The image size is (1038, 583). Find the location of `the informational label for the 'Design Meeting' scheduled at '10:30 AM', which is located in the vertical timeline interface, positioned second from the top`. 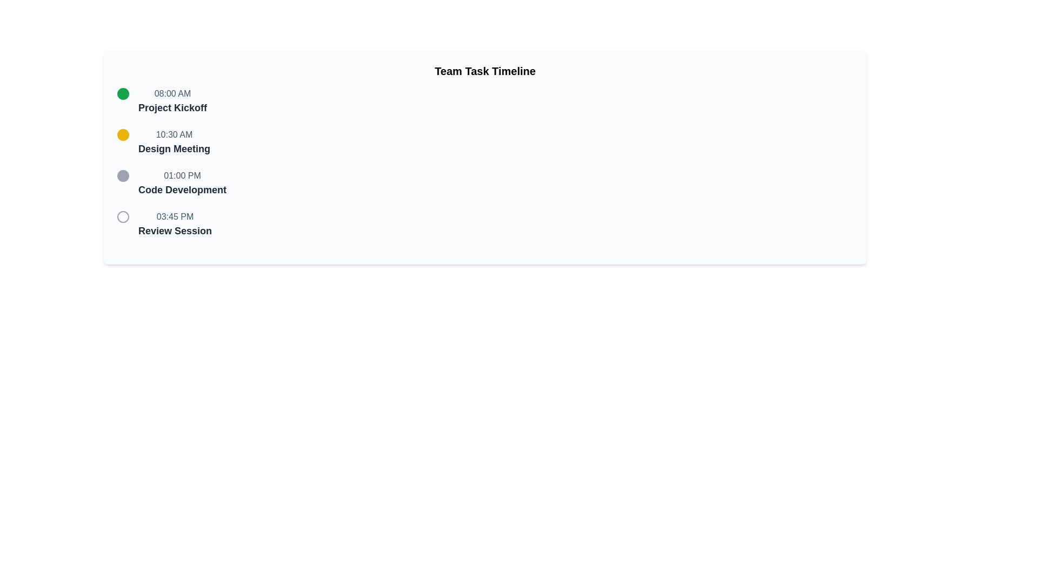

the informational label for the 'Design Meeting' scheduled at '10:30 AM', which is located in the vertical timeline interface, positioned second from the top is located at coordinates (174, 141).